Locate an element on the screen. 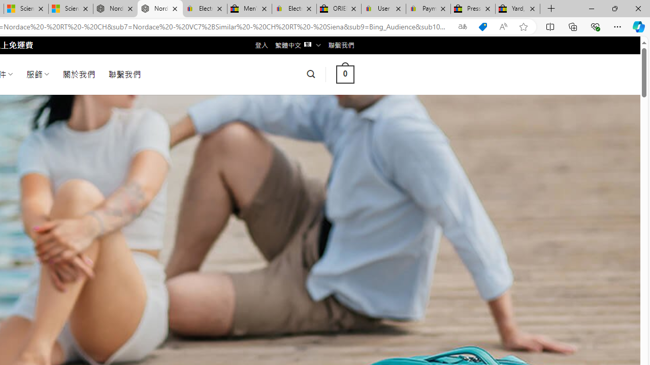 The width and height of the screenshot is (650, 365). 'Payments Terms of Use | eBay.com' is located at coordinates (428, 9).